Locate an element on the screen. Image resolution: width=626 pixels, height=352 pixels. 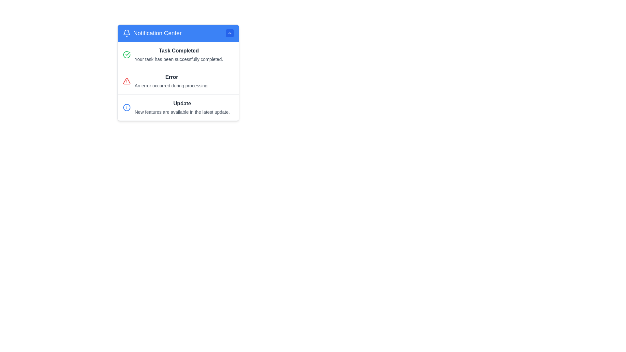
the chevron-up icon in the upper-right corner of the blue header section of the 'Notification Center' is located at coordinates (230, 33).